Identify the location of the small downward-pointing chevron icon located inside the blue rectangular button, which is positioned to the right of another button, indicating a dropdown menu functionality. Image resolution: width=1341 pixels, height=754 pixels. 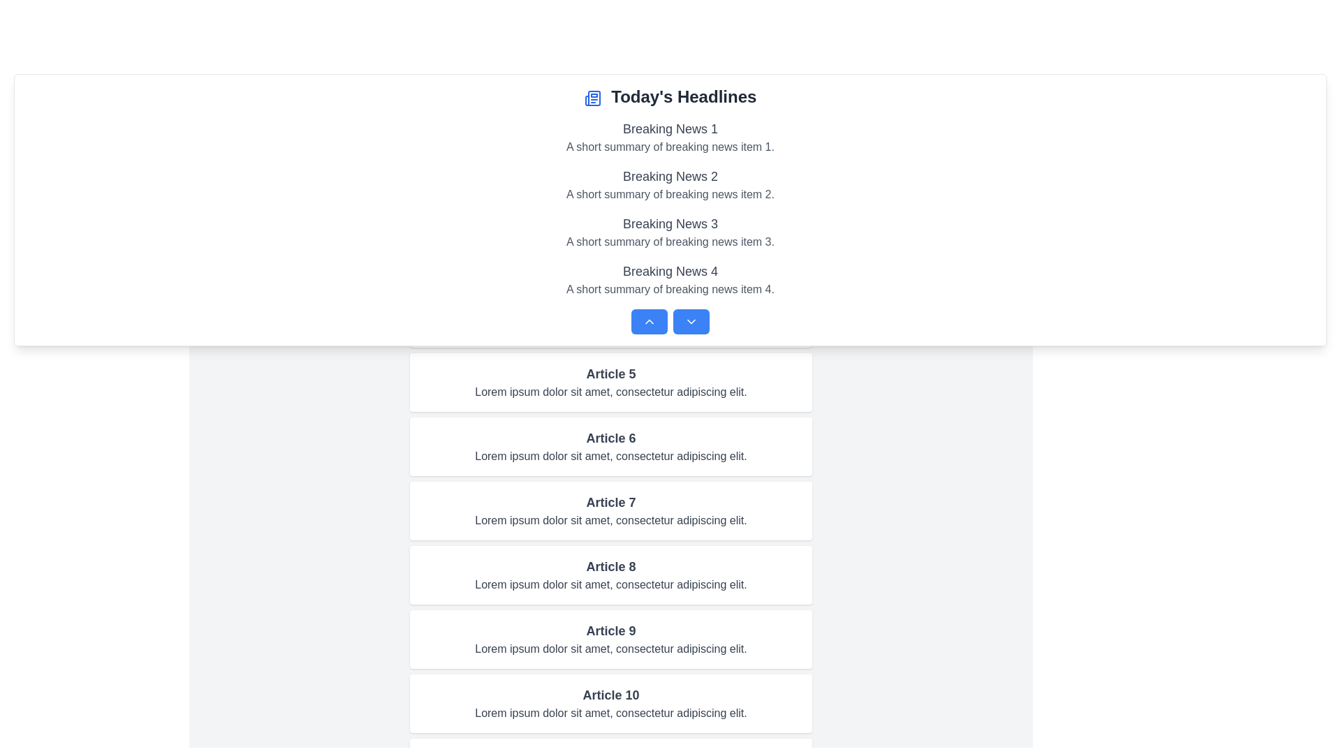
(691, 322).